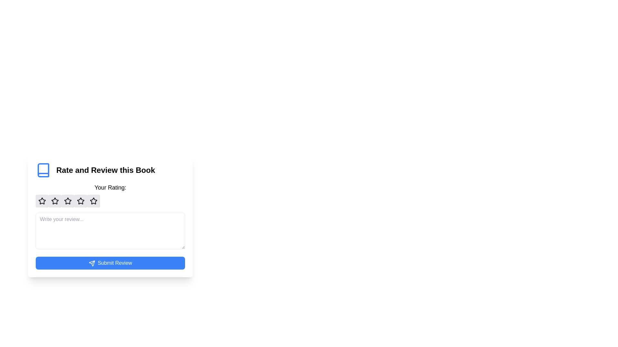 This screenshot has width=618, height=347. I want to click on the first star icon button in the horizontal sequence of five stars under the 'Your Rating:' label, so click(42, 200).